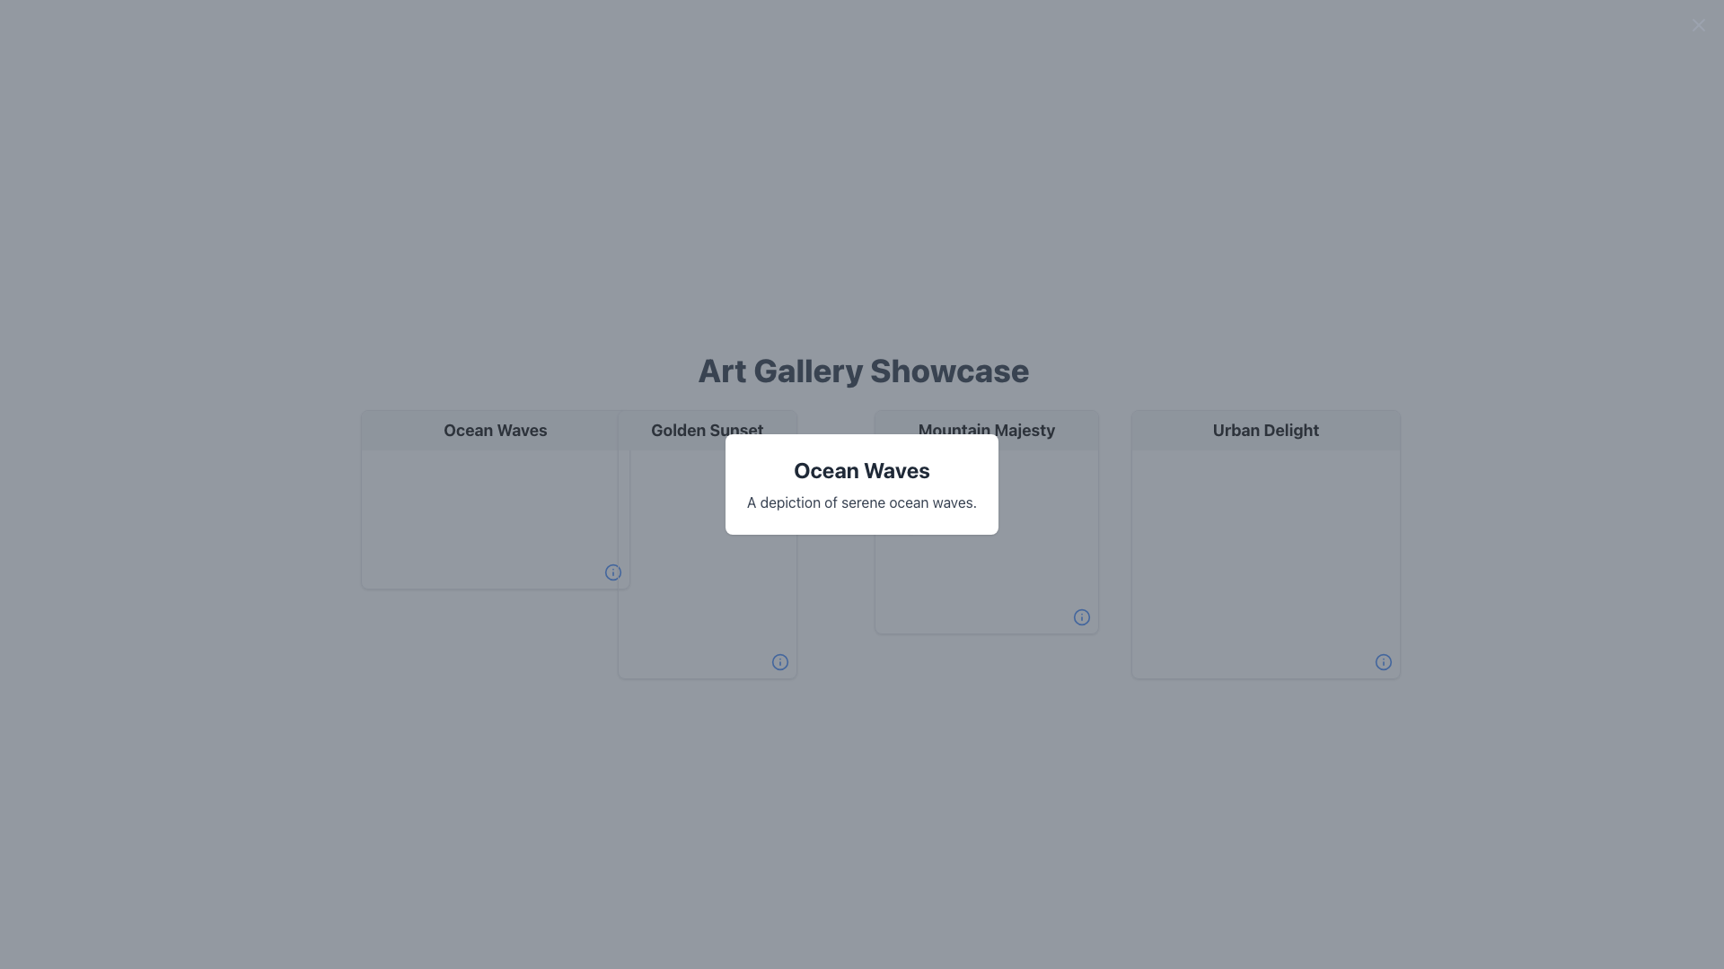  What do you see at coordinates (779, 661) in the screenshot?
I see `the informational icon boundary located at the bottom-right corner of the 'Golden Sunset' card, which is part of a grouped icon and has a visible circular outline` at bounding box center [779, 661].